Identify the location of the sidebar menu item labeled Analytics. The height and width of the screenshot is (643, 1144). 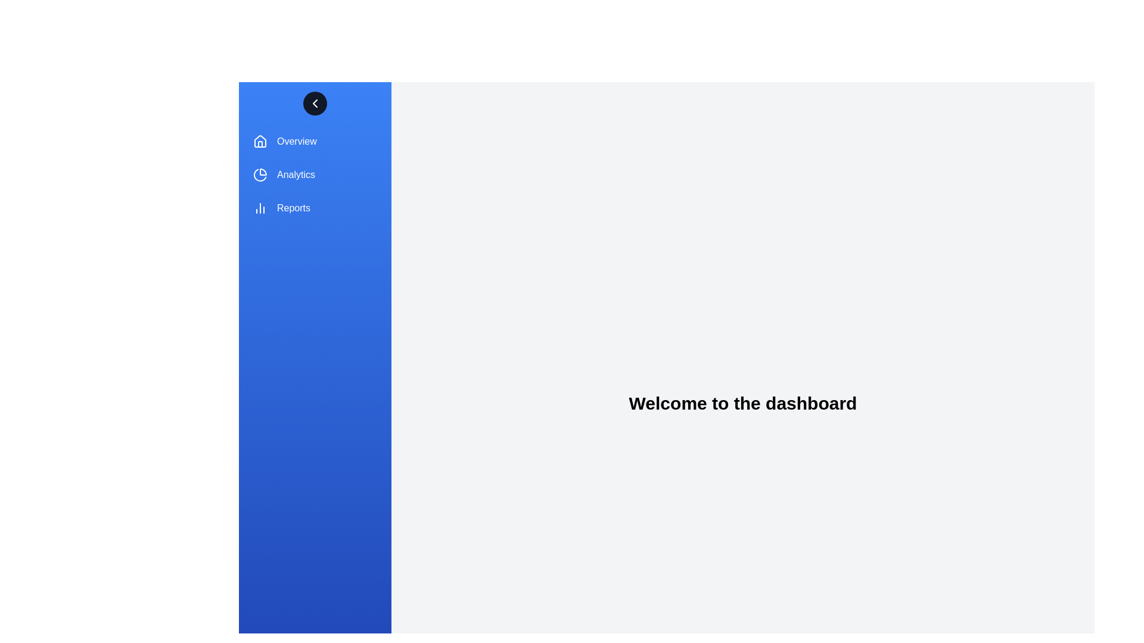
(315, 174).